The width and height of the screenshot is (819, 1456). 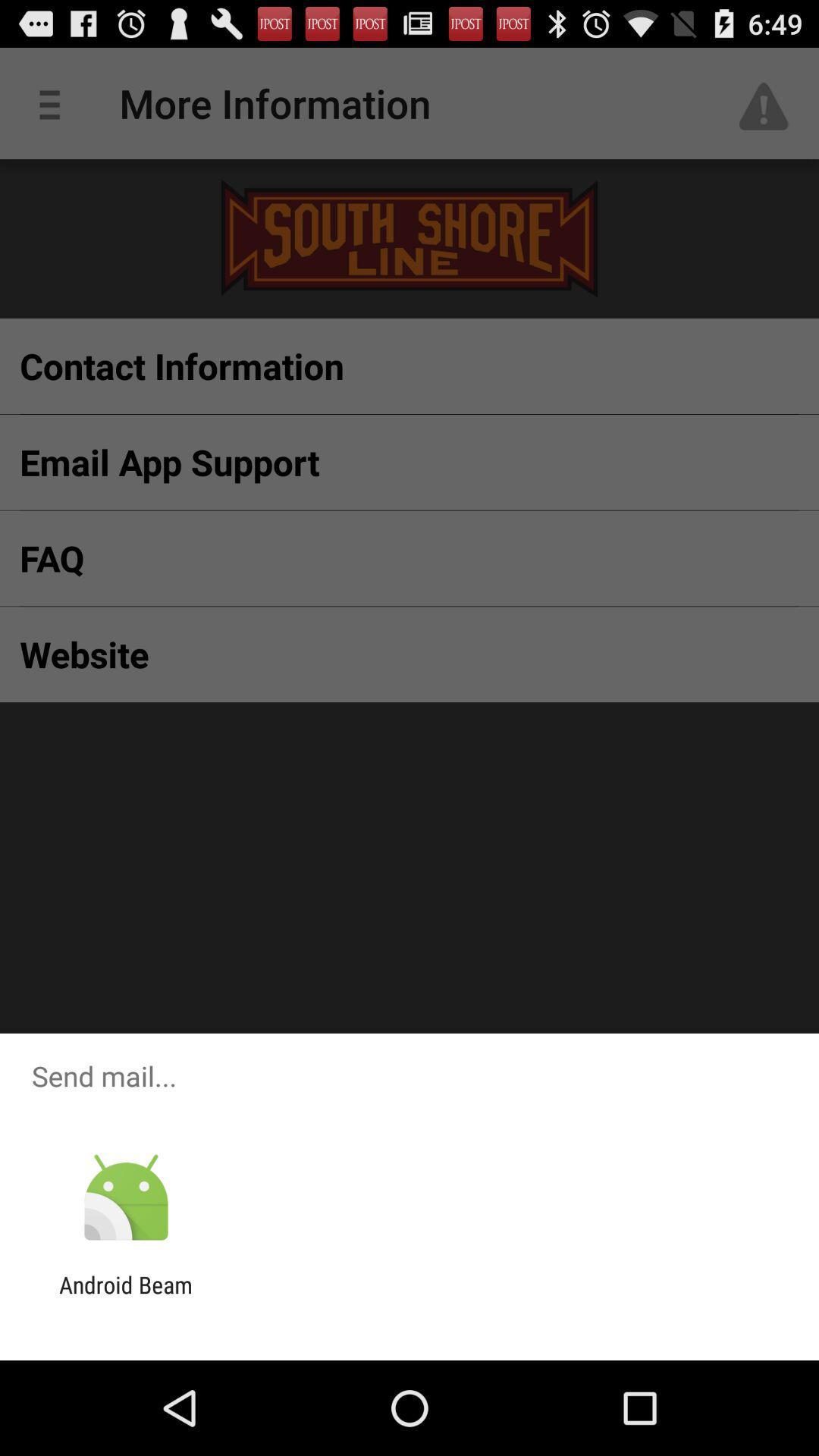 What do you see at coordinates (125, 1298) in the screenshot?
I see `android beam item` at bounding box center [125, 1298].